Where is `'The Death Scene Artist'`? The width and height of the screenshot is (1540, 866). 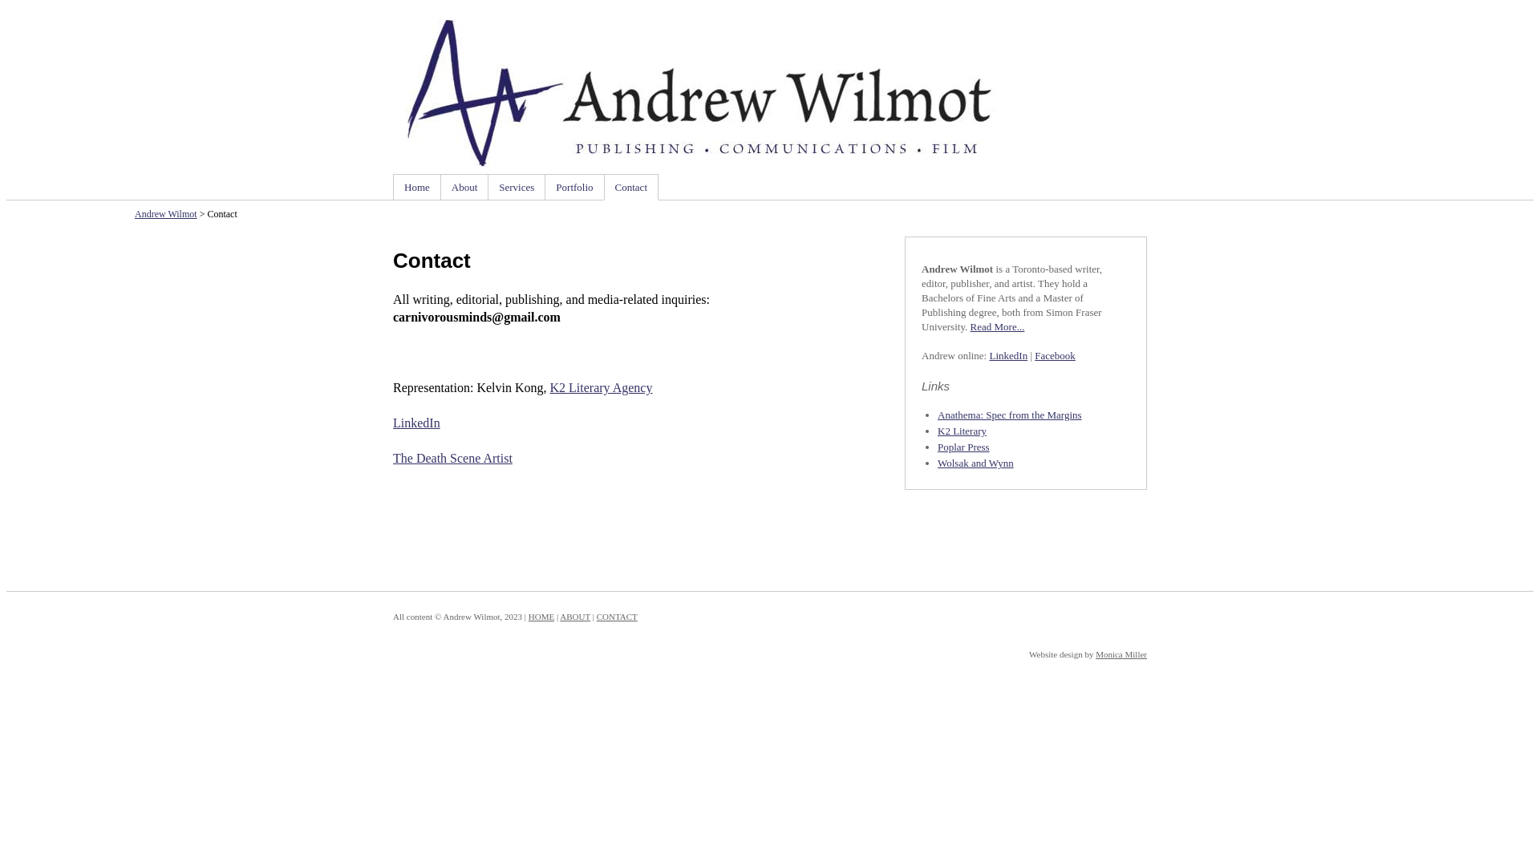 'The Death Scene Artist' is located at coordinates (392, 458).